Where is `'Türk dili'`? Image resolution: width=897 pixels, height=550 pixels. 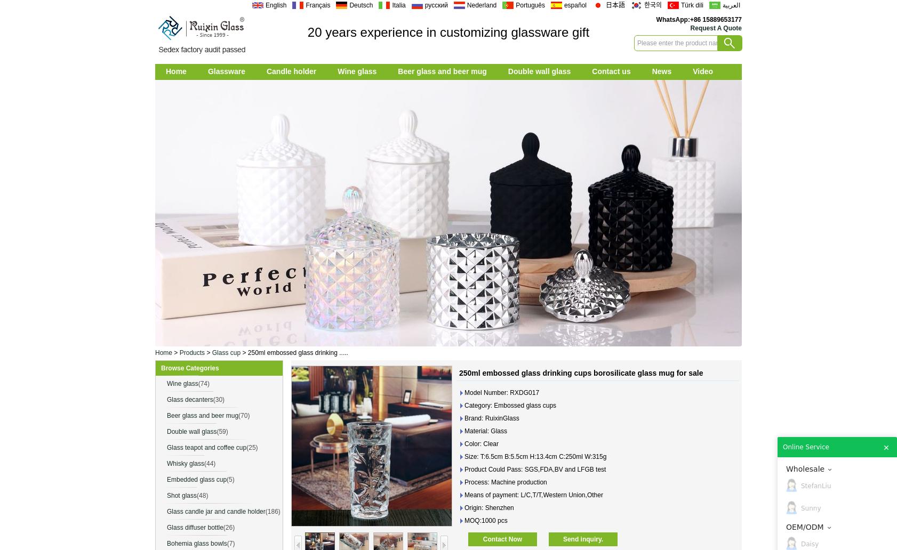
'Türk dili' is located at coordinates (680, 5).